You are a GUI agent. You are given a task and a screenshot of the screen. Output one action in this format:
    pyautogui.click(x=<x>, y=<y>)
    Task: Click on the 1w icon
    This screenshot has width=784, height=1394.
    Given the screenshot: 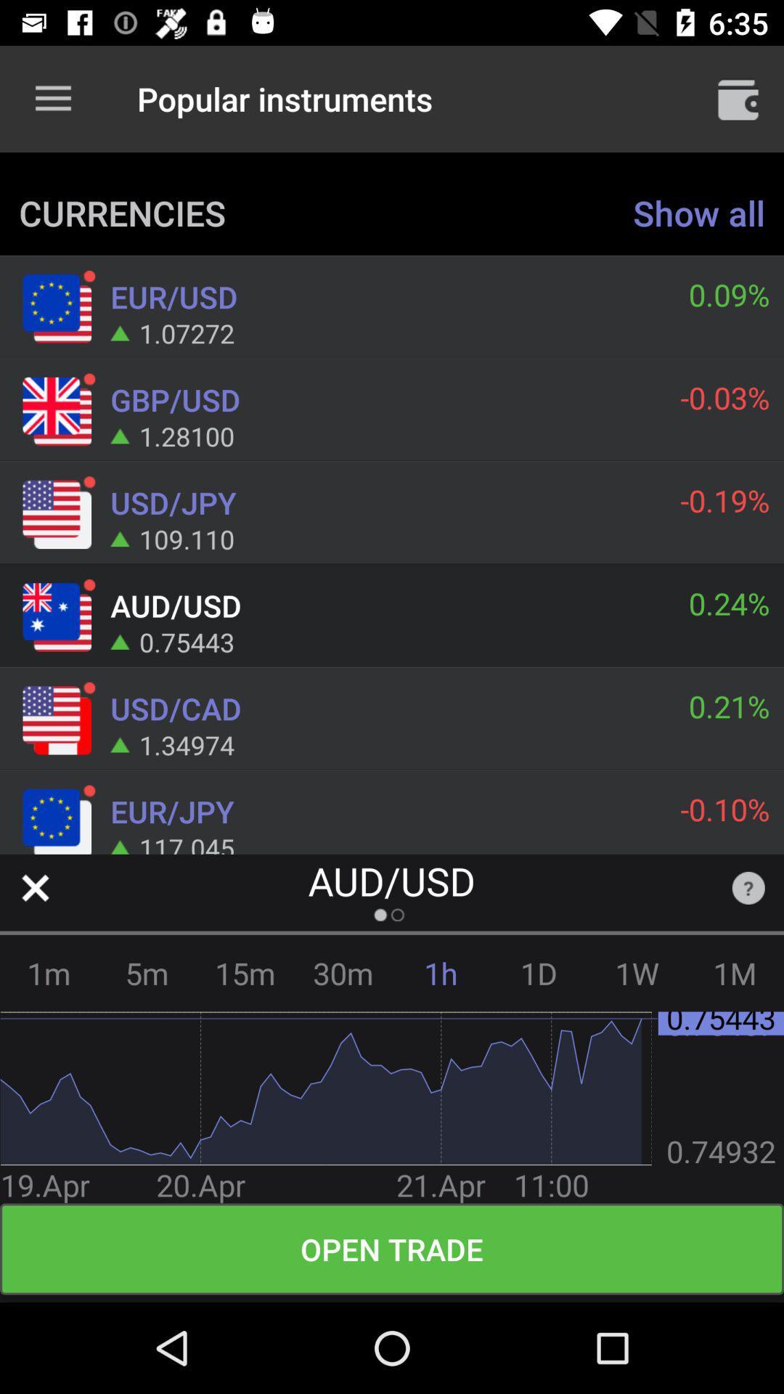 What is the action you would take?
    pyautogui.click(x=636, y=973)
    